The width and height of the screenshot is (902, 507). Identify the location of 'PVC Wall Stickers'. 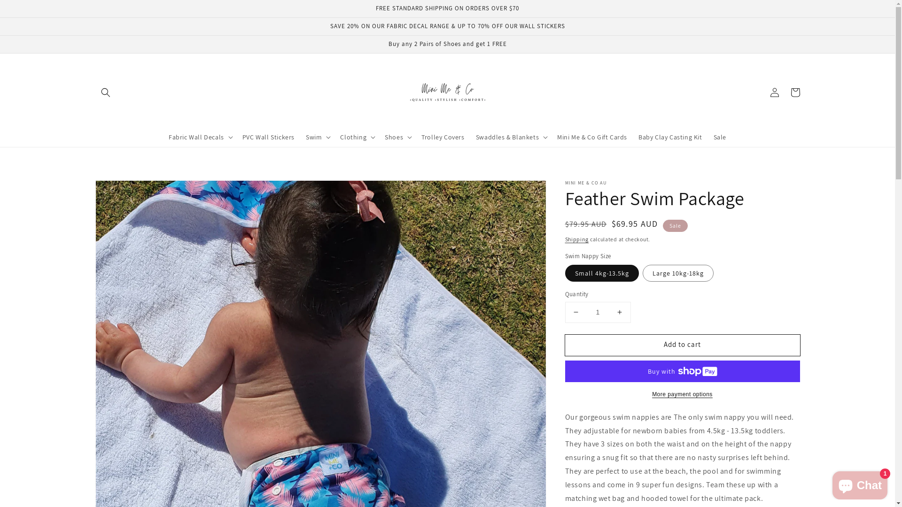
(268, 137).